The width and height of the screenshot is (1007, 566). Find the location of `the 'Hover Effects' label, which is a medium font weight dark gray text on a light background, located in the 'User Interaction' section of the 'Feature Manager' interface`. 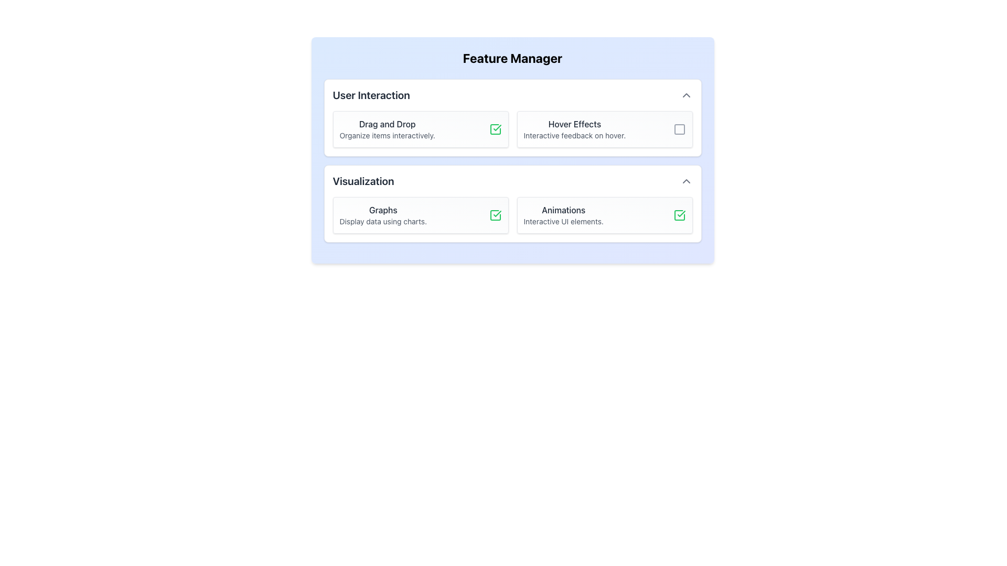

the 'Hover Effects' label, which is a medium font weight dark gray text on a light background, located in the 'User Interaction' section of the 'Feature Manager' interface is located at coordinates (574, 123).